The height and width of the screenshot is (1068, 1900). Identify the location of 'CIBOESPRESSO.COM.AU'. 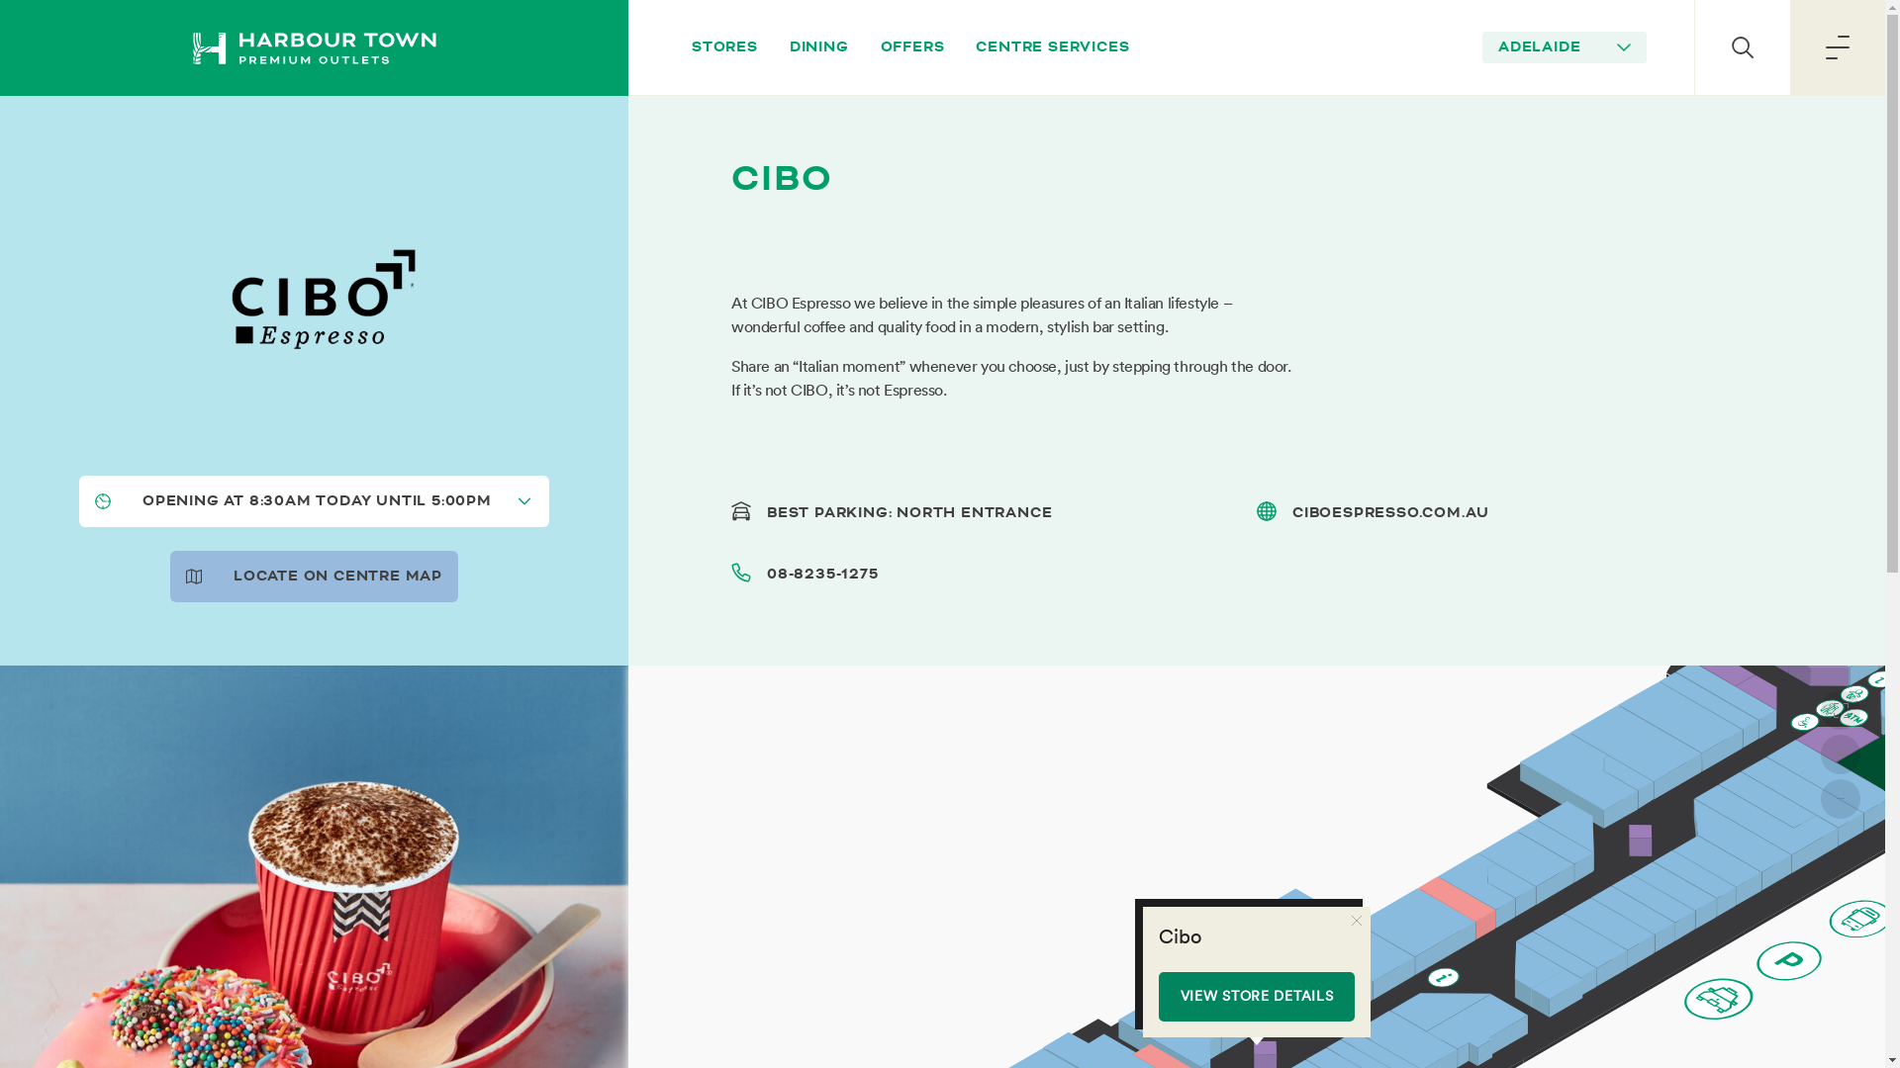
(1389, 511).